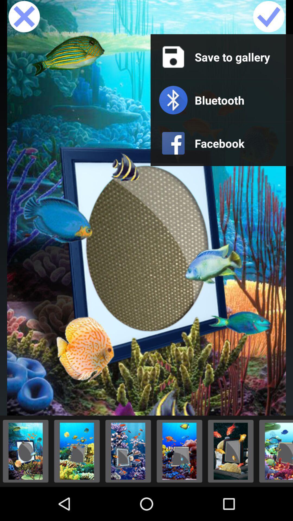 The width and height of the screenshot is (293, 521). What do you see at coordinates (128, 451) in the screenshot?
I see `filter` at bounding box center [128, 451].